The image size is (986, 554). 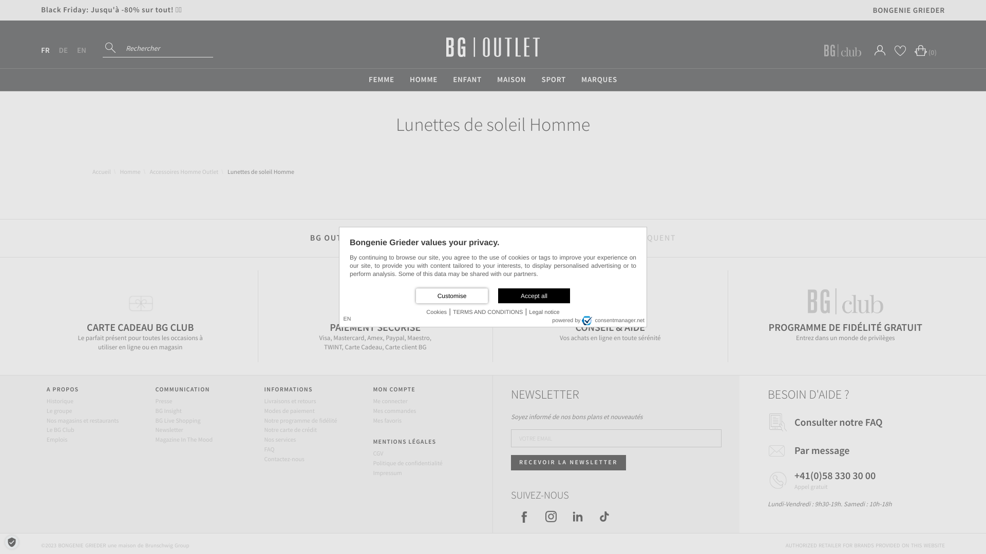 I want to click on 'FEMME', so click(x=361, y=79).